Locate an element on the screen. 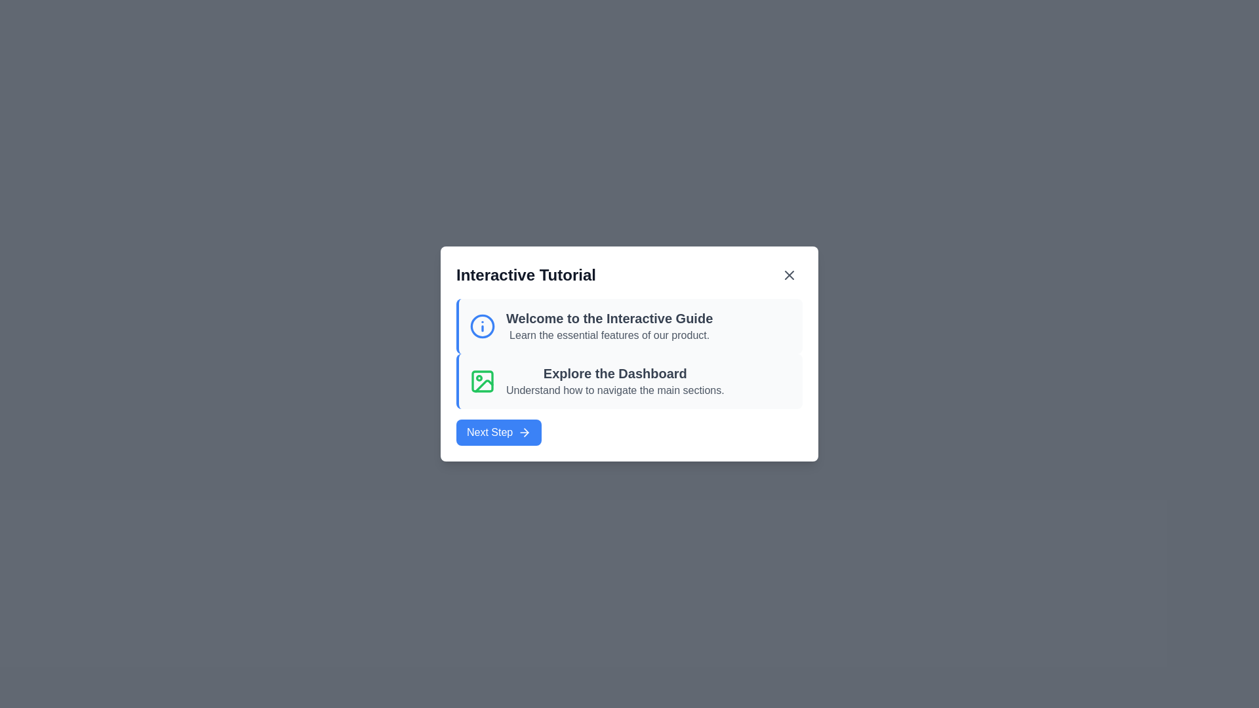 Image resolution: width=1259 pixels, height=708 pixels. informational block that contains the text 'Explore the Dashboard' and 'Understand how to navigate the main sections.' This block is the second section in the modal, positioned below the 'Welcome to the Interactive Guide.' is located at coordinates (629, 382).